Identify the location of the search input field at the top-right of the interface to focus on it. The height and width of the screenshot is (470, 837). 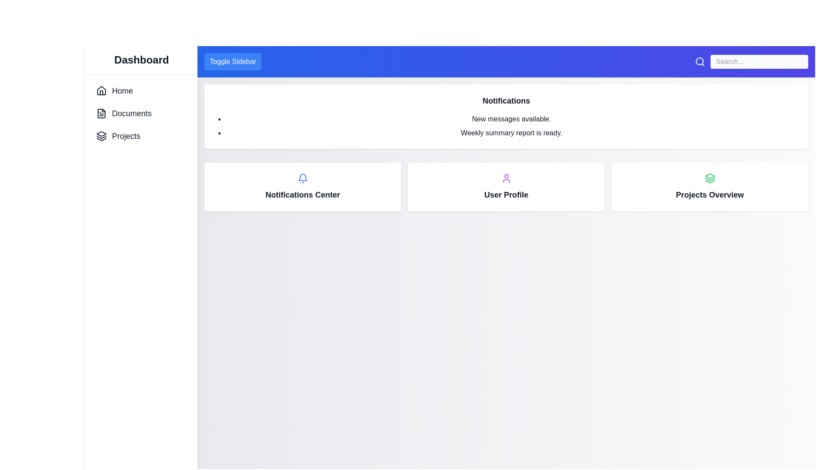
(751, 61).